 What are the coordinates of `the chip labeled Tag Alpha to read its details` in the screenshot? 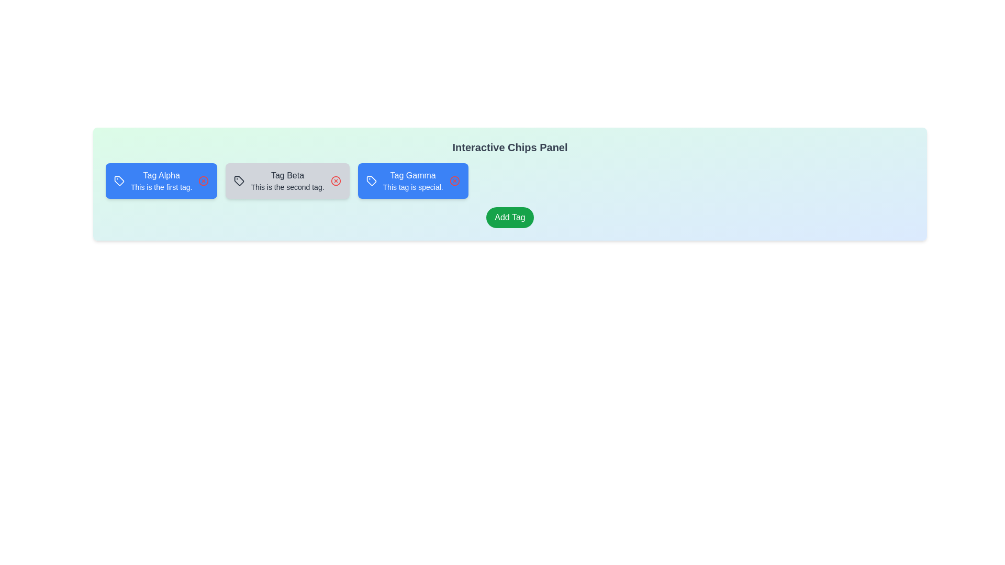 It's located at (160, 180).